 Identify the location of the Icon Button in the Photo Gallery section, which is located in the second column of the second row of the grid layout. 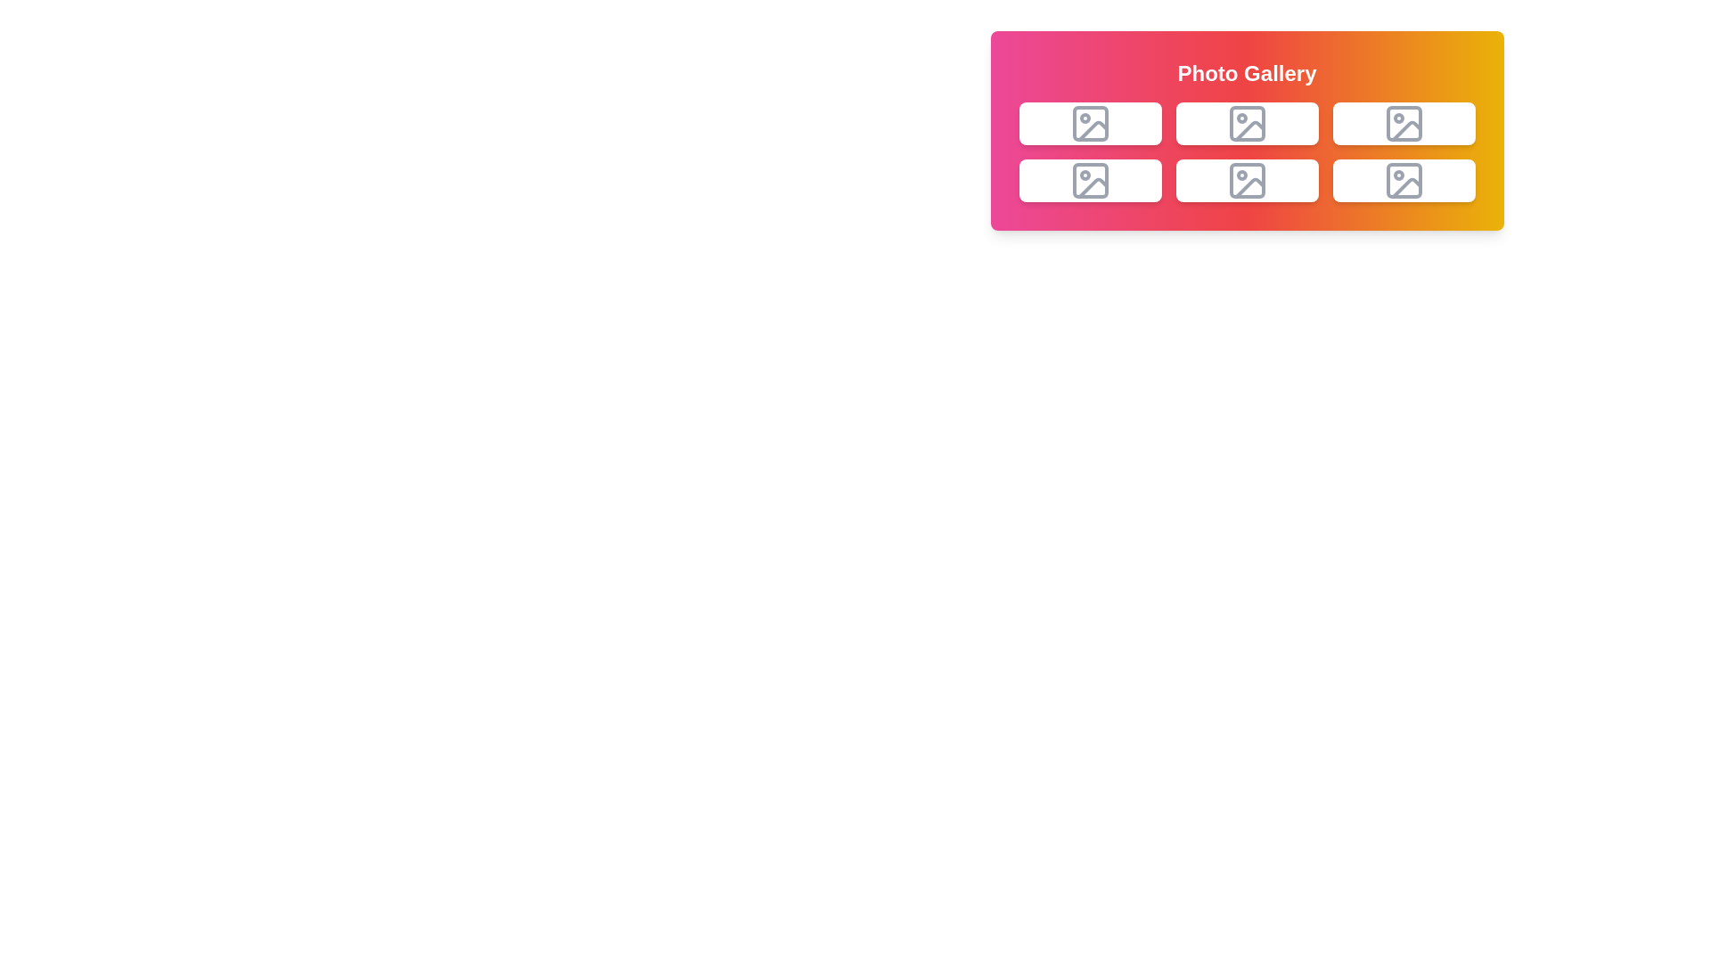
(1223, 181).